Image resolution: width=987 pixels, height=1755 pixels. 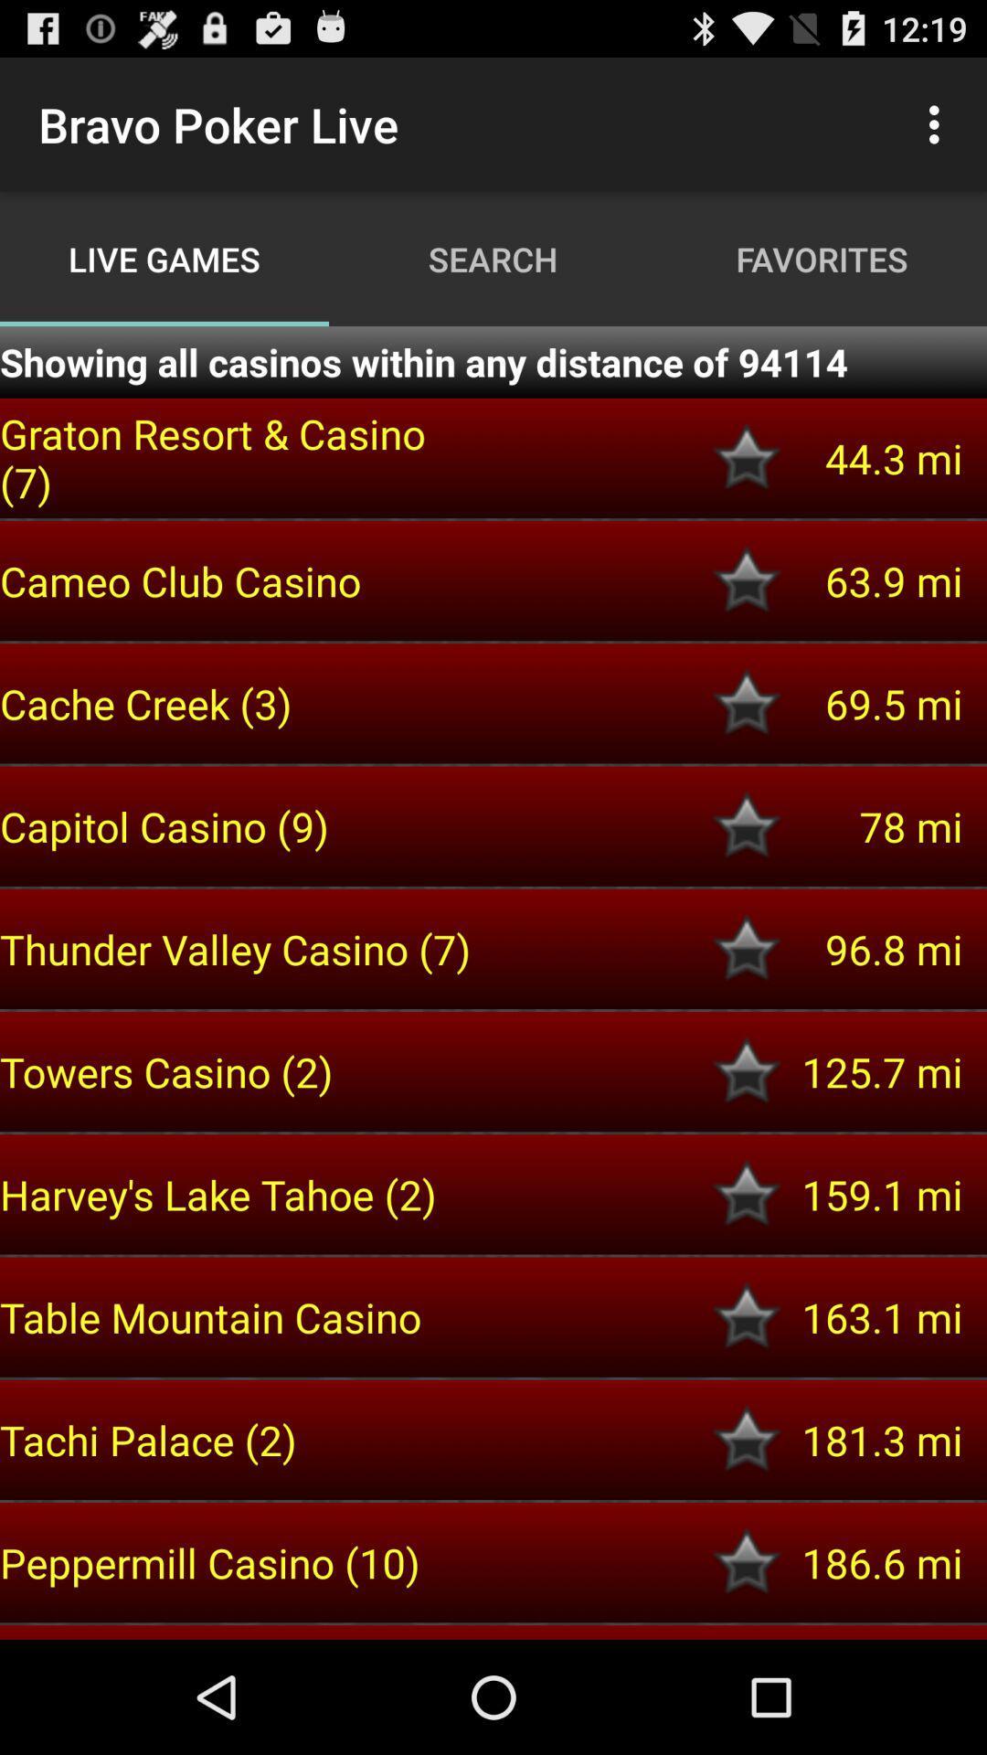 I want to click on as favorite, so click(x=747, y=1317).